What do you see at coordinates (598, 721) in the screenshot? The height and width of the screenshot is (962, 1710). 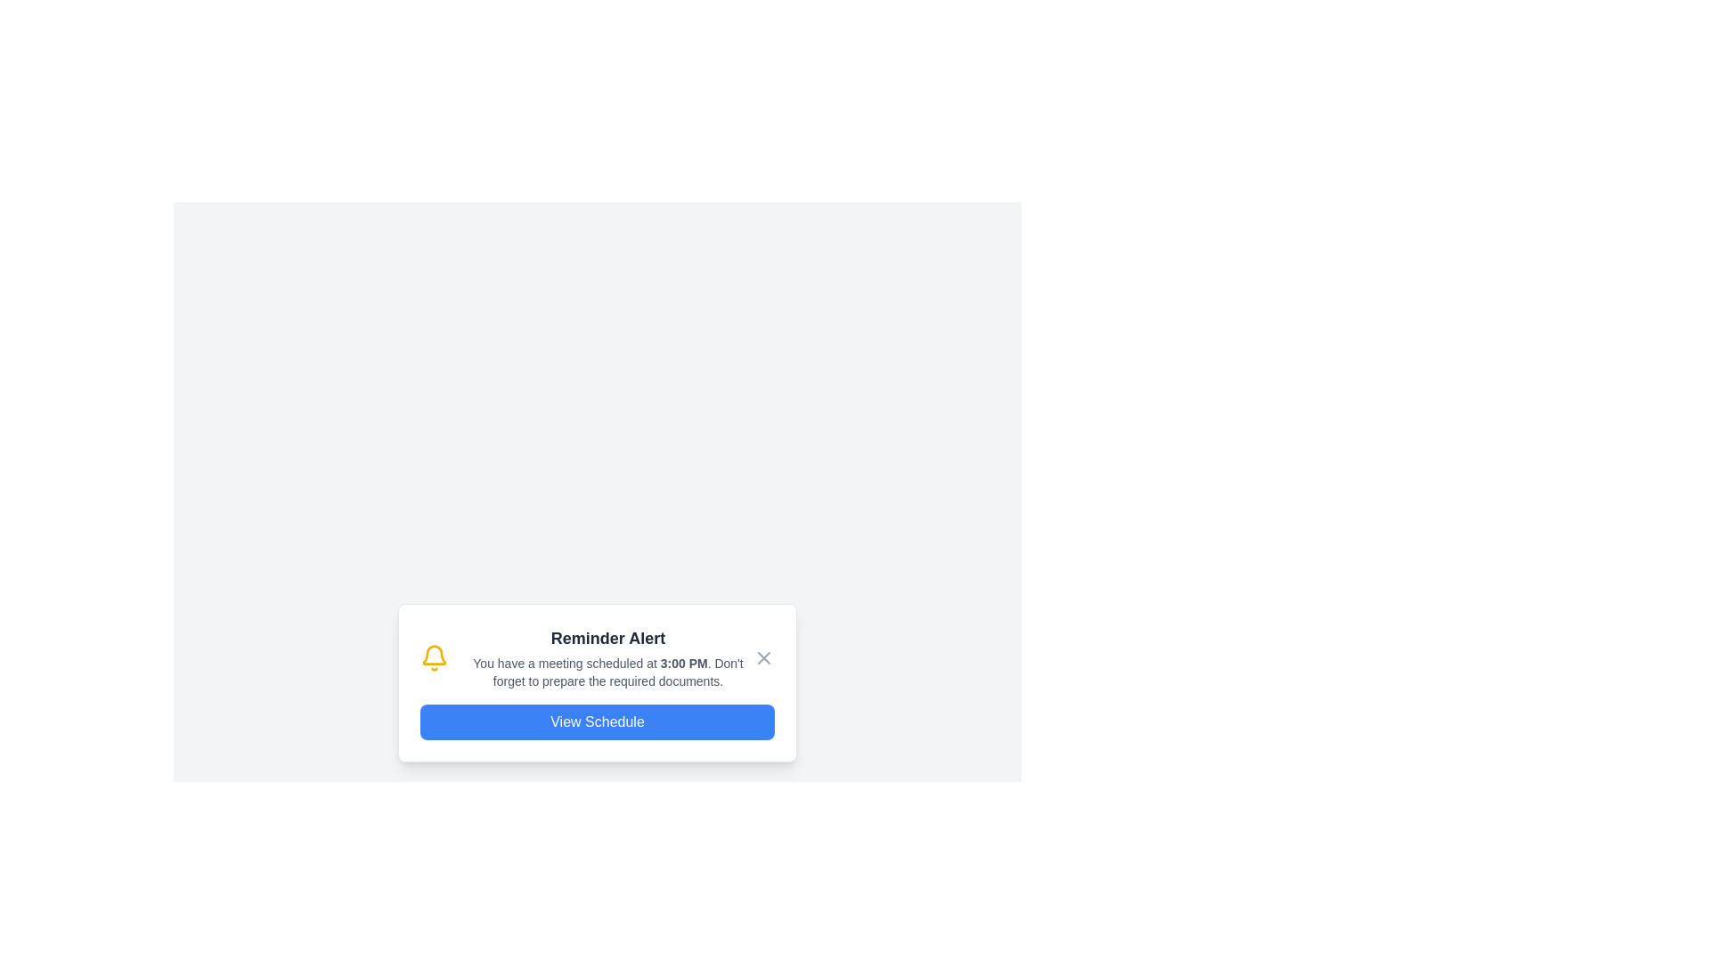 I see `the 'View Schedule' button, which is a rectangular button with rounded corners, blue background, and white text located at the bottom of the notification card titled 'Reminder Alert'` at bounding box center [598, 721].